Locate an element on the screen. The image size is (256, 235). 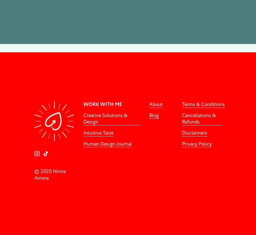
'Disclaimers' is located at coordinates (181, 133).